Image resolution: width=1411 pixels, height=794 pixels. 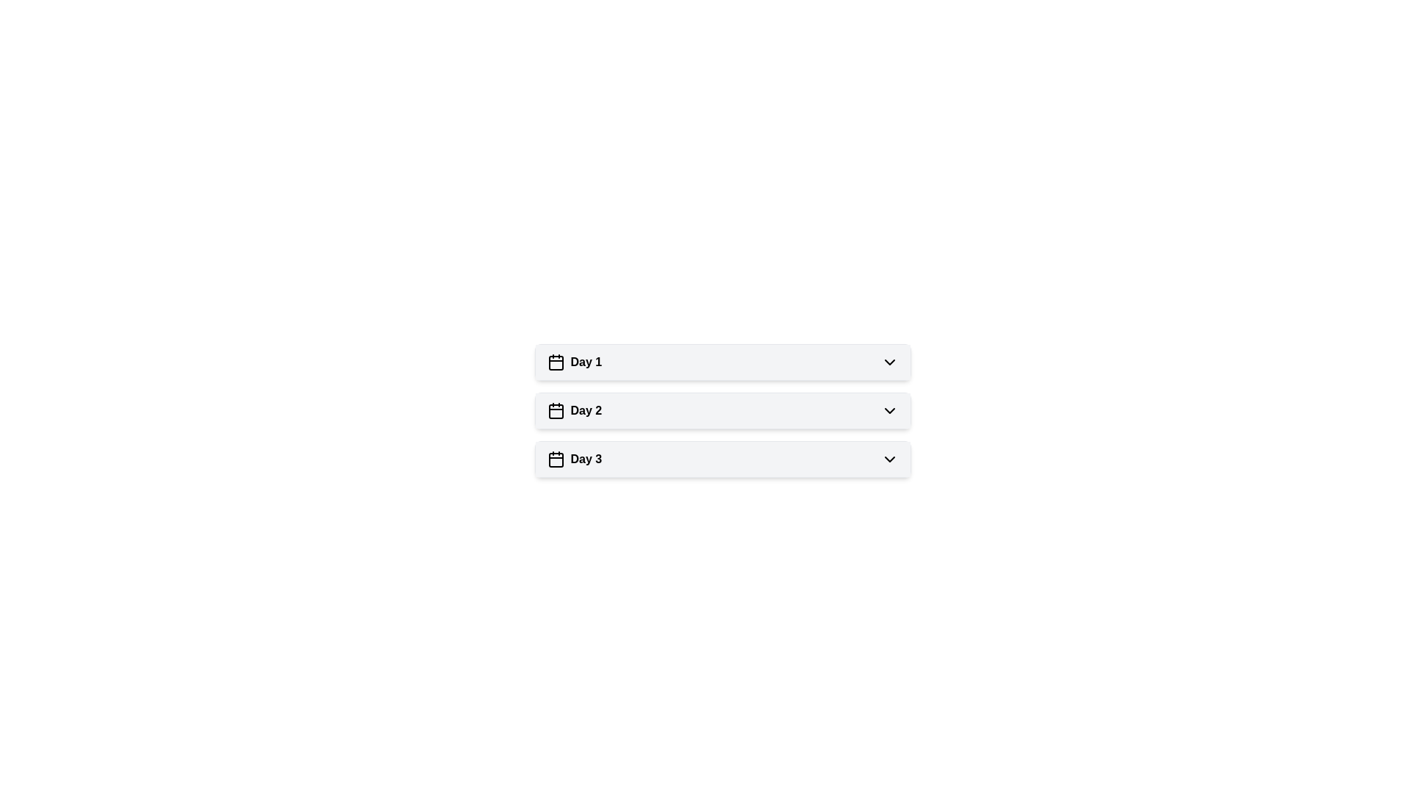 I want to click on the selectable list item labeled 'Day 2', so click(x=722, y=411).